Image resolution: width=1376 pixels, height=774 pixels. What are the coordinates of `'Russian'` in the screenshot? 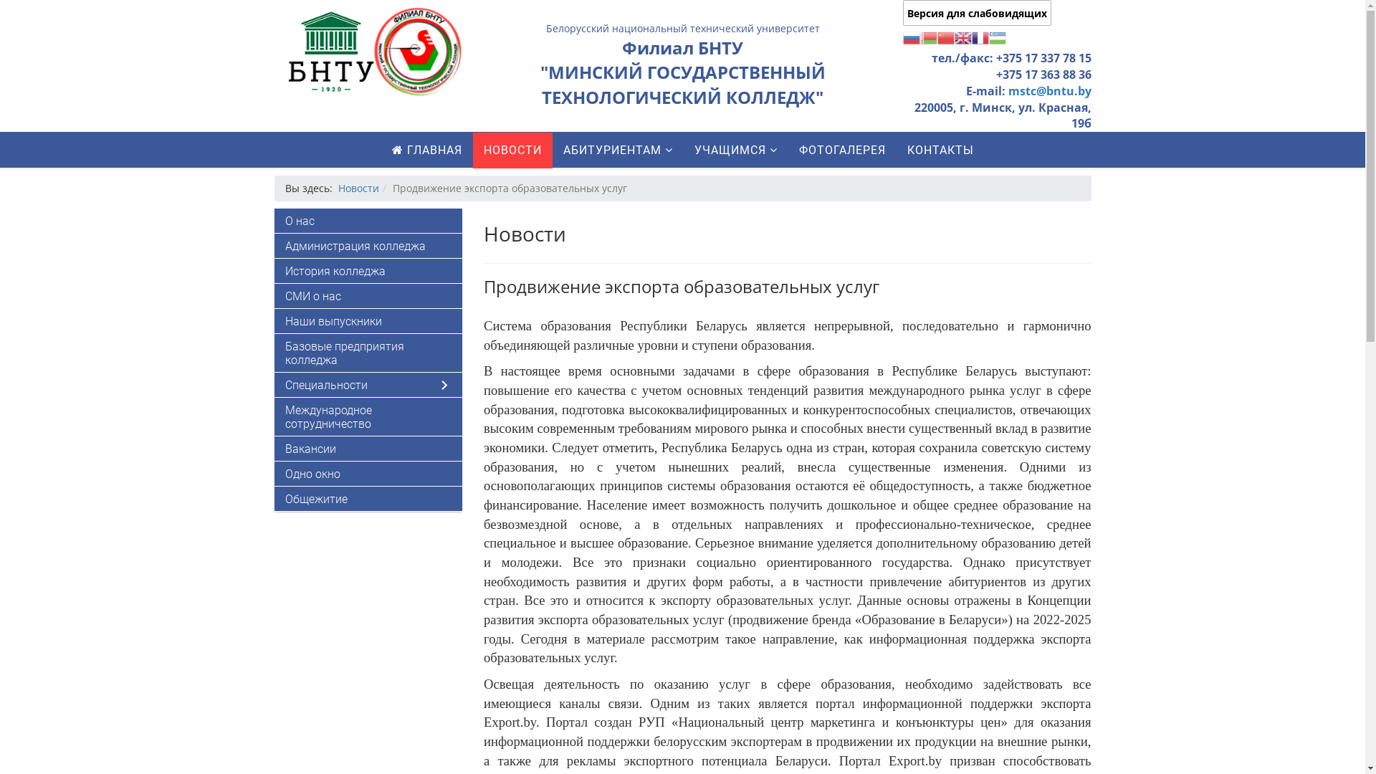 It's located at (911, 36).